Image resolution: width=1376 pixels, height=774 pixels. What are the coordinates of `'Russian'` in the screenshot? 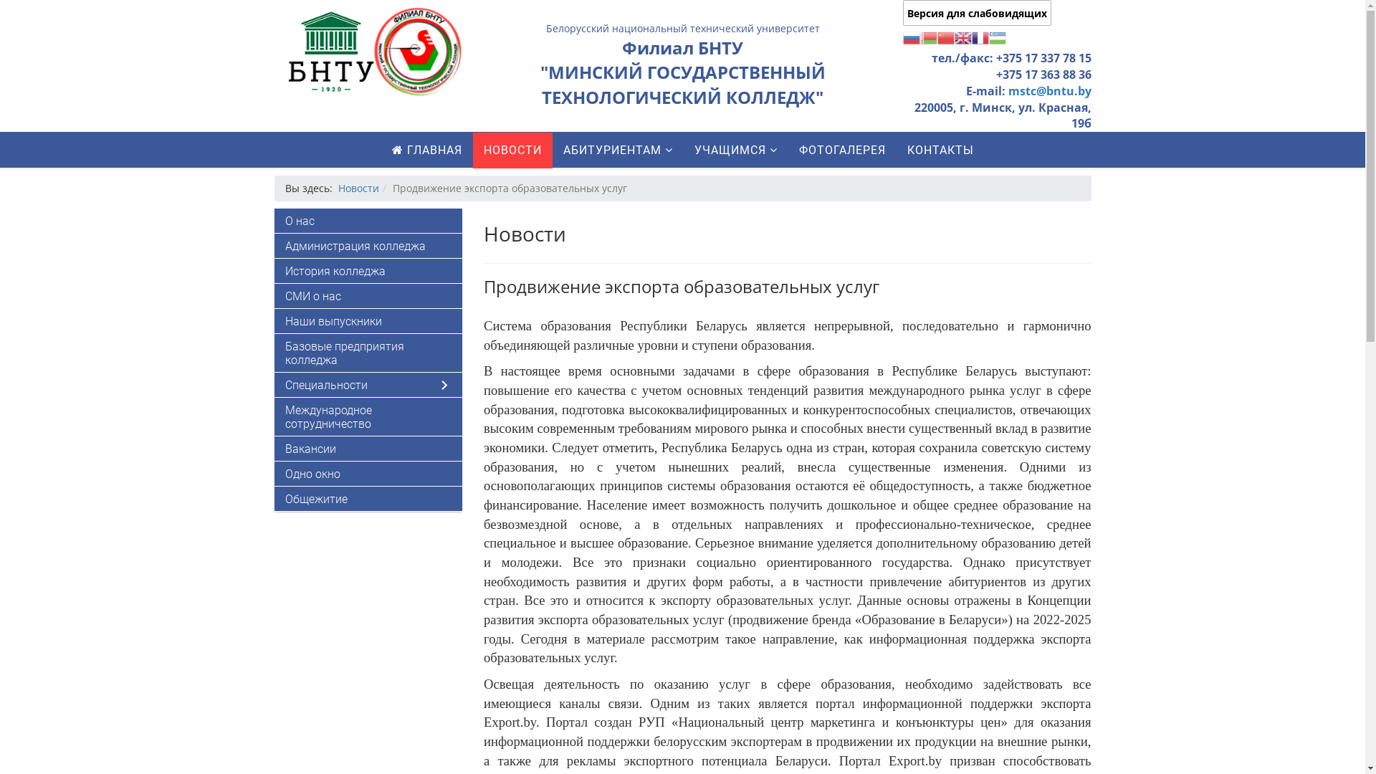 It's located at (911, 36).